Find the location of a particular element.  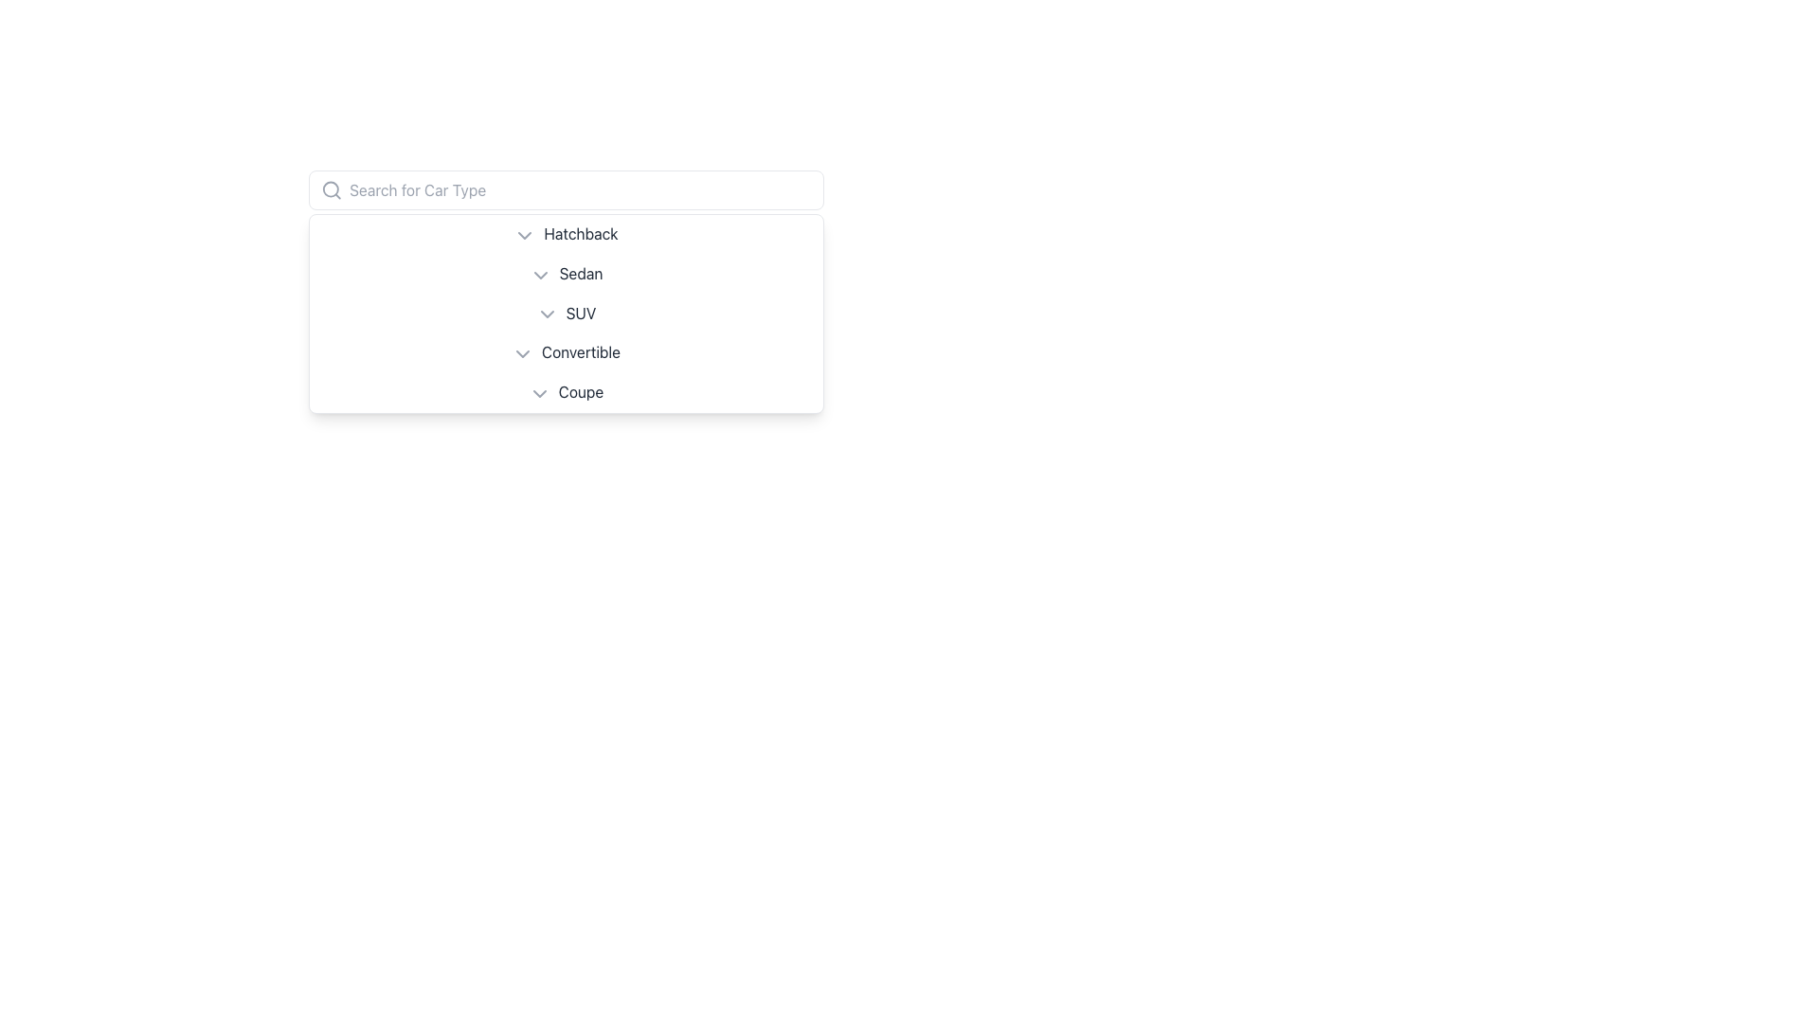

the search icon, which is a magnifying glass symbol with a gray outline located at the leftmost part of the search bar preceding the text input field with the placeholder 'Search for Car Type' is located at coordinates (331, 189).